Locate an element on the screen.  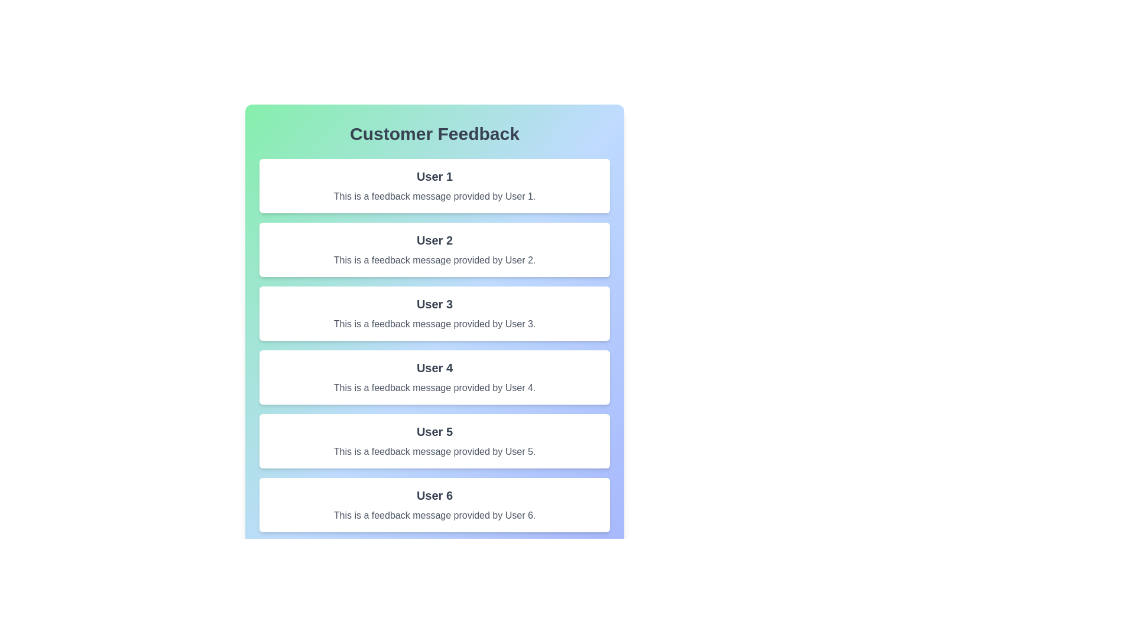
the non-interactive text label displaying feedback from User 6, located within the sixth feedback box at the bottom of the interface is located at coordinates (434, 515).